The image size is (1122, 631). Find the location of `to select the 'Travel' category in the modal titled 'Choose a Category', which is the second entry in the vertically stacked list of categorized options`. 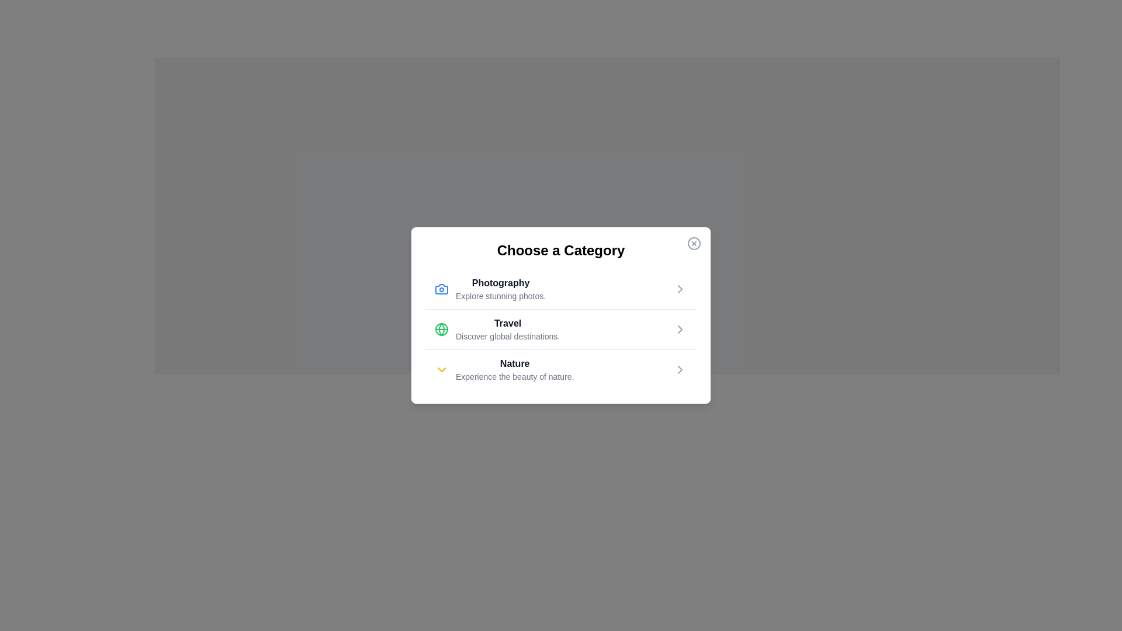

to select the 'Travel' category in the modal titled 'Choose a Category', which is the second entry in the vertically stacked list of categorized options is located at coordinates (561, 315).